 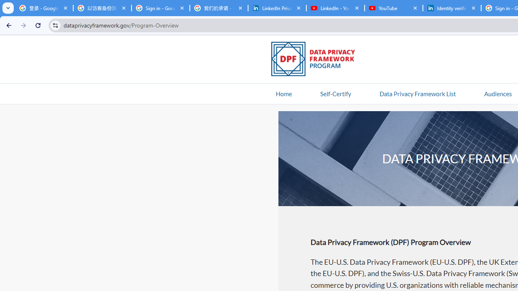 I want to click on 'LinkedIn - YouTube', so click(x=335, y=8).